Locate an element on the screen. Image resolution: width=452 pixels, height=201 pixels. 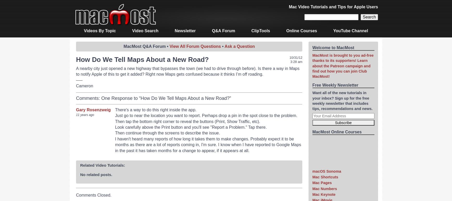
'No related posts.' is located at coordinates (80, 174).